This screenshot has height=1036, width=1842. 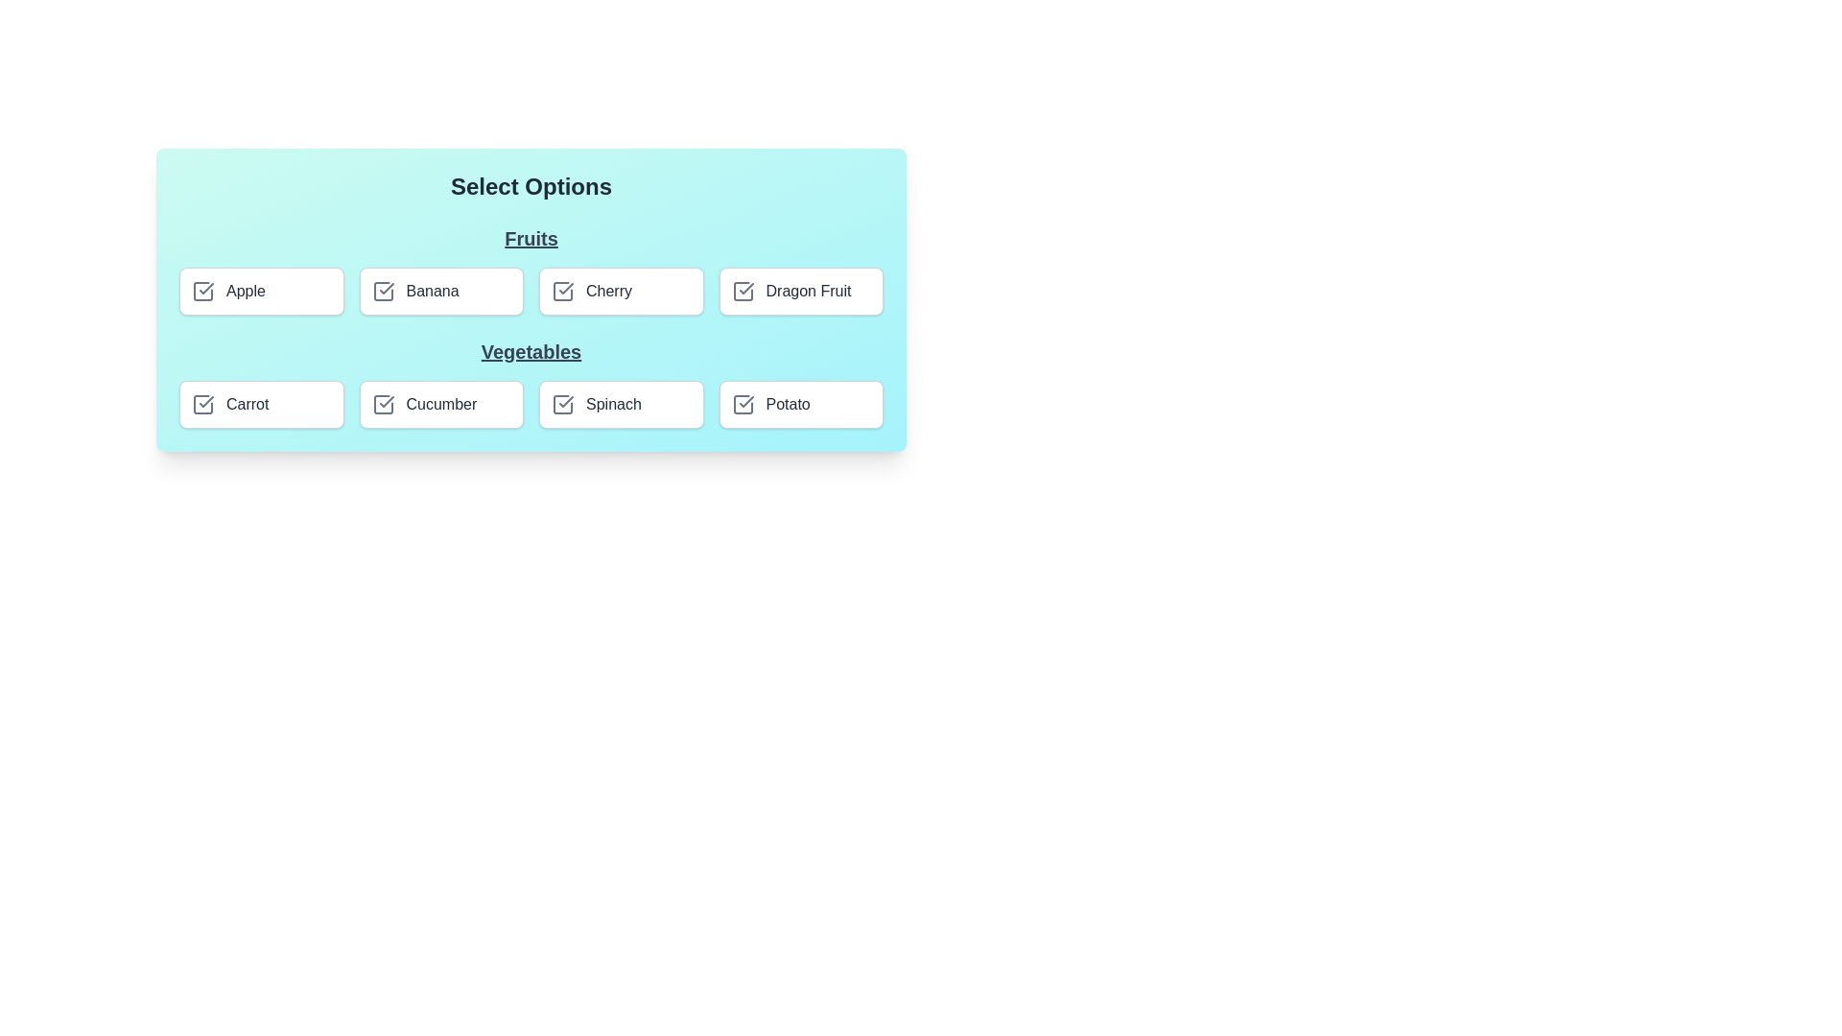 I want to click on the checkbox labeled 'Banana', so click(x=440, y=292).